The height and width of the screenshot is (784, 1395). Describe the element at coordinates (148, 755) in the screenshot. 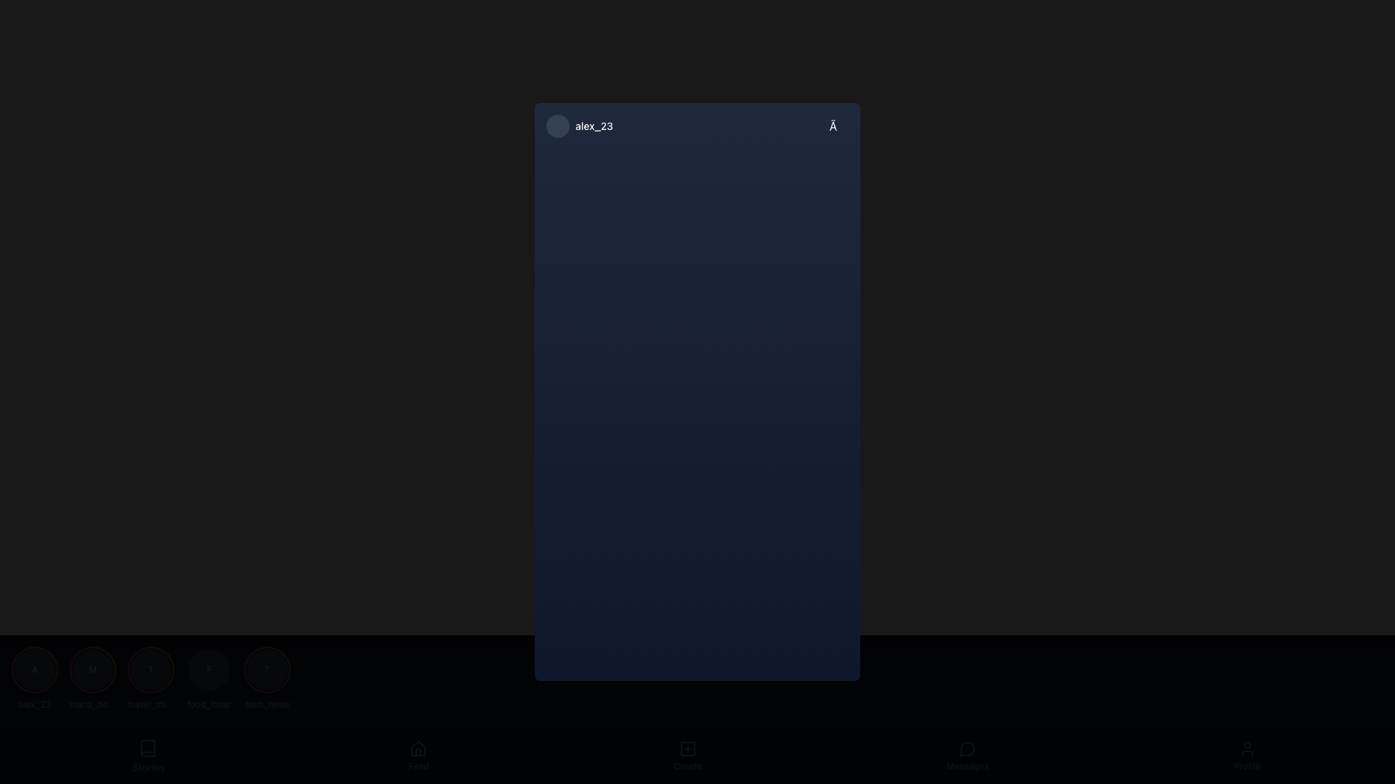

I see `the 'Stories' button located at the bottom navigation bar` at that location.